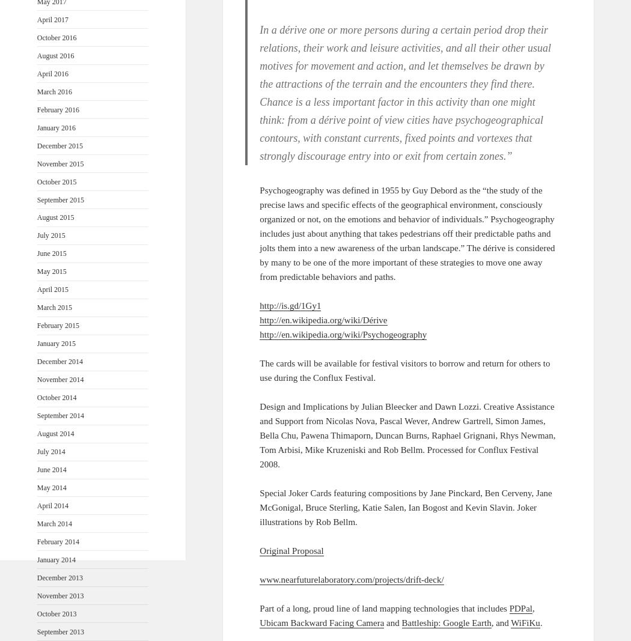  Describe the element at coordinates (56, 36) in the screenshot. I see `'October 2016'` at that location.